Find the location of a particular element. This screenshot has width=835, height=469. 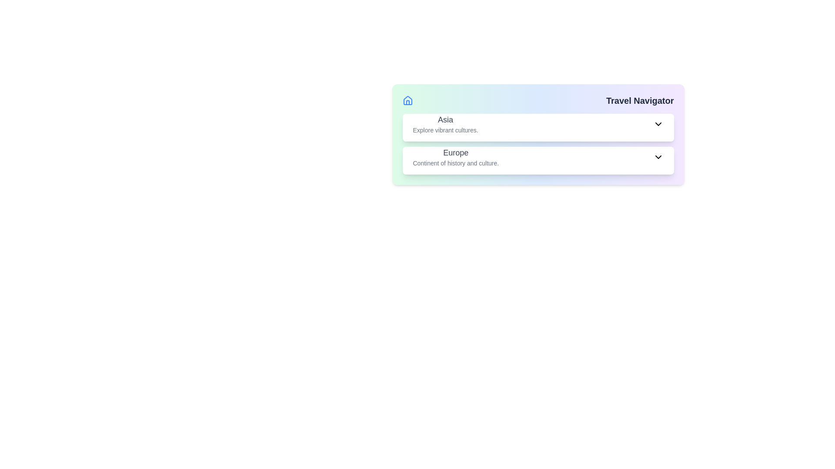

the downward-pointing chevron icon located within the dropdown button area is located at coordinates (658, 124).